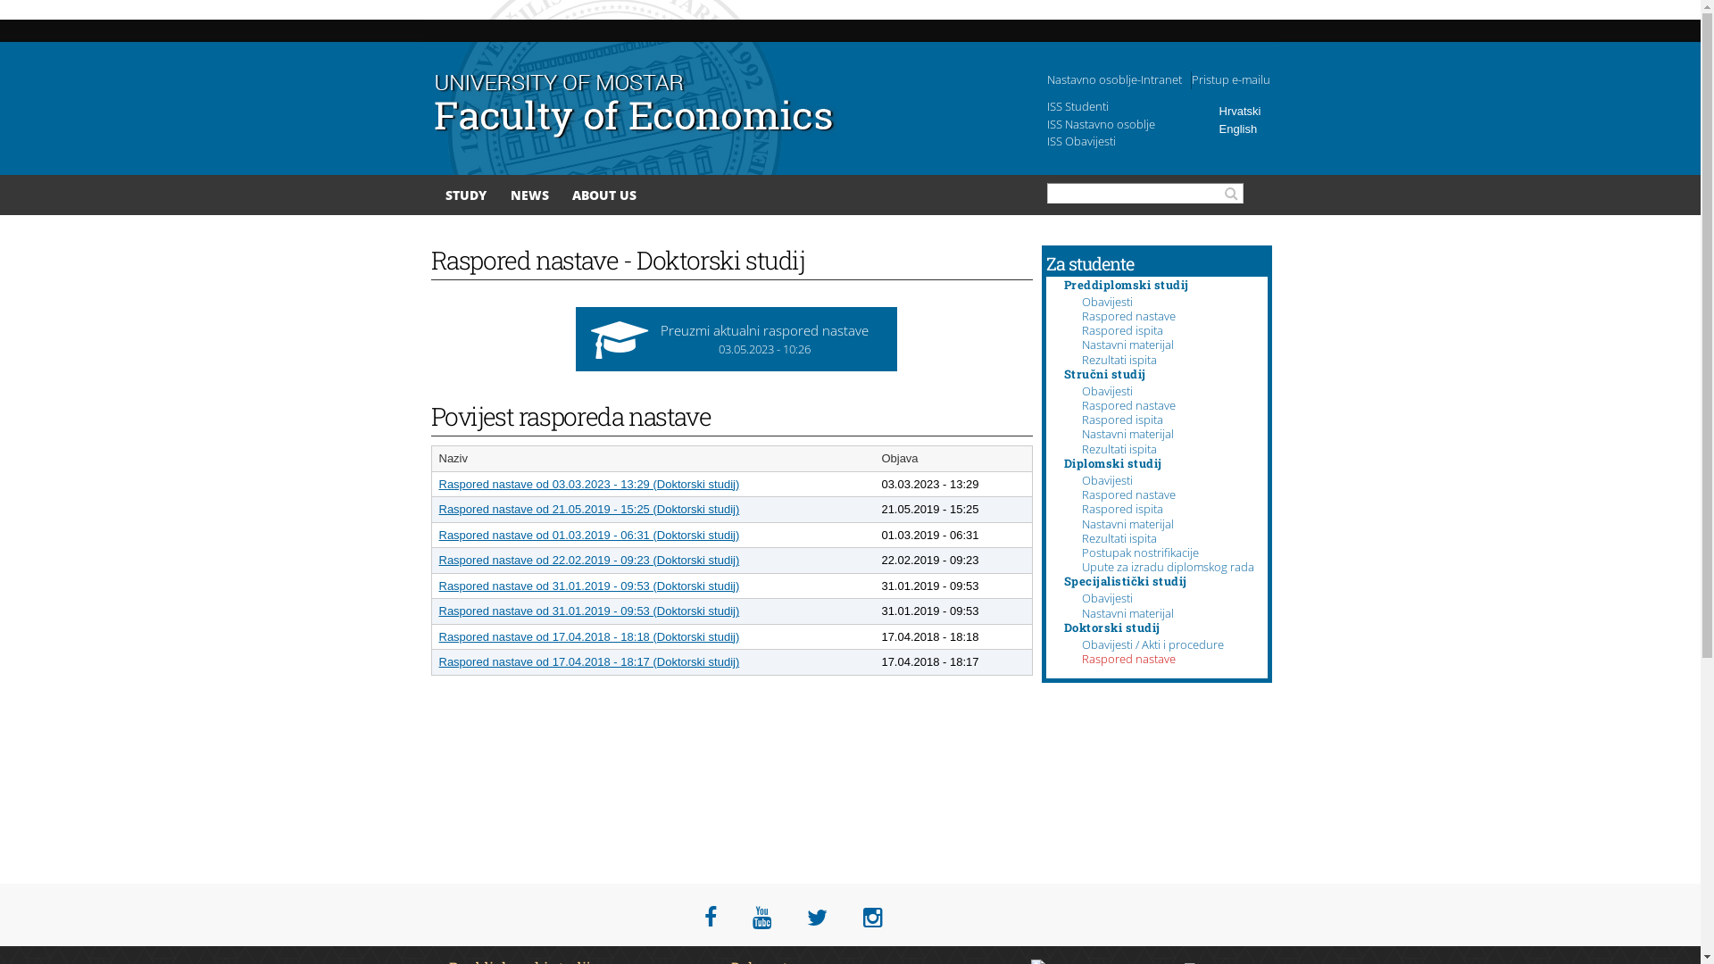 This screenshot has height=964, width=1714. What do you see at coordinates (572, 195) in the screenshot?
I see `'ABOUT US'` at bounding box center [572, 195].